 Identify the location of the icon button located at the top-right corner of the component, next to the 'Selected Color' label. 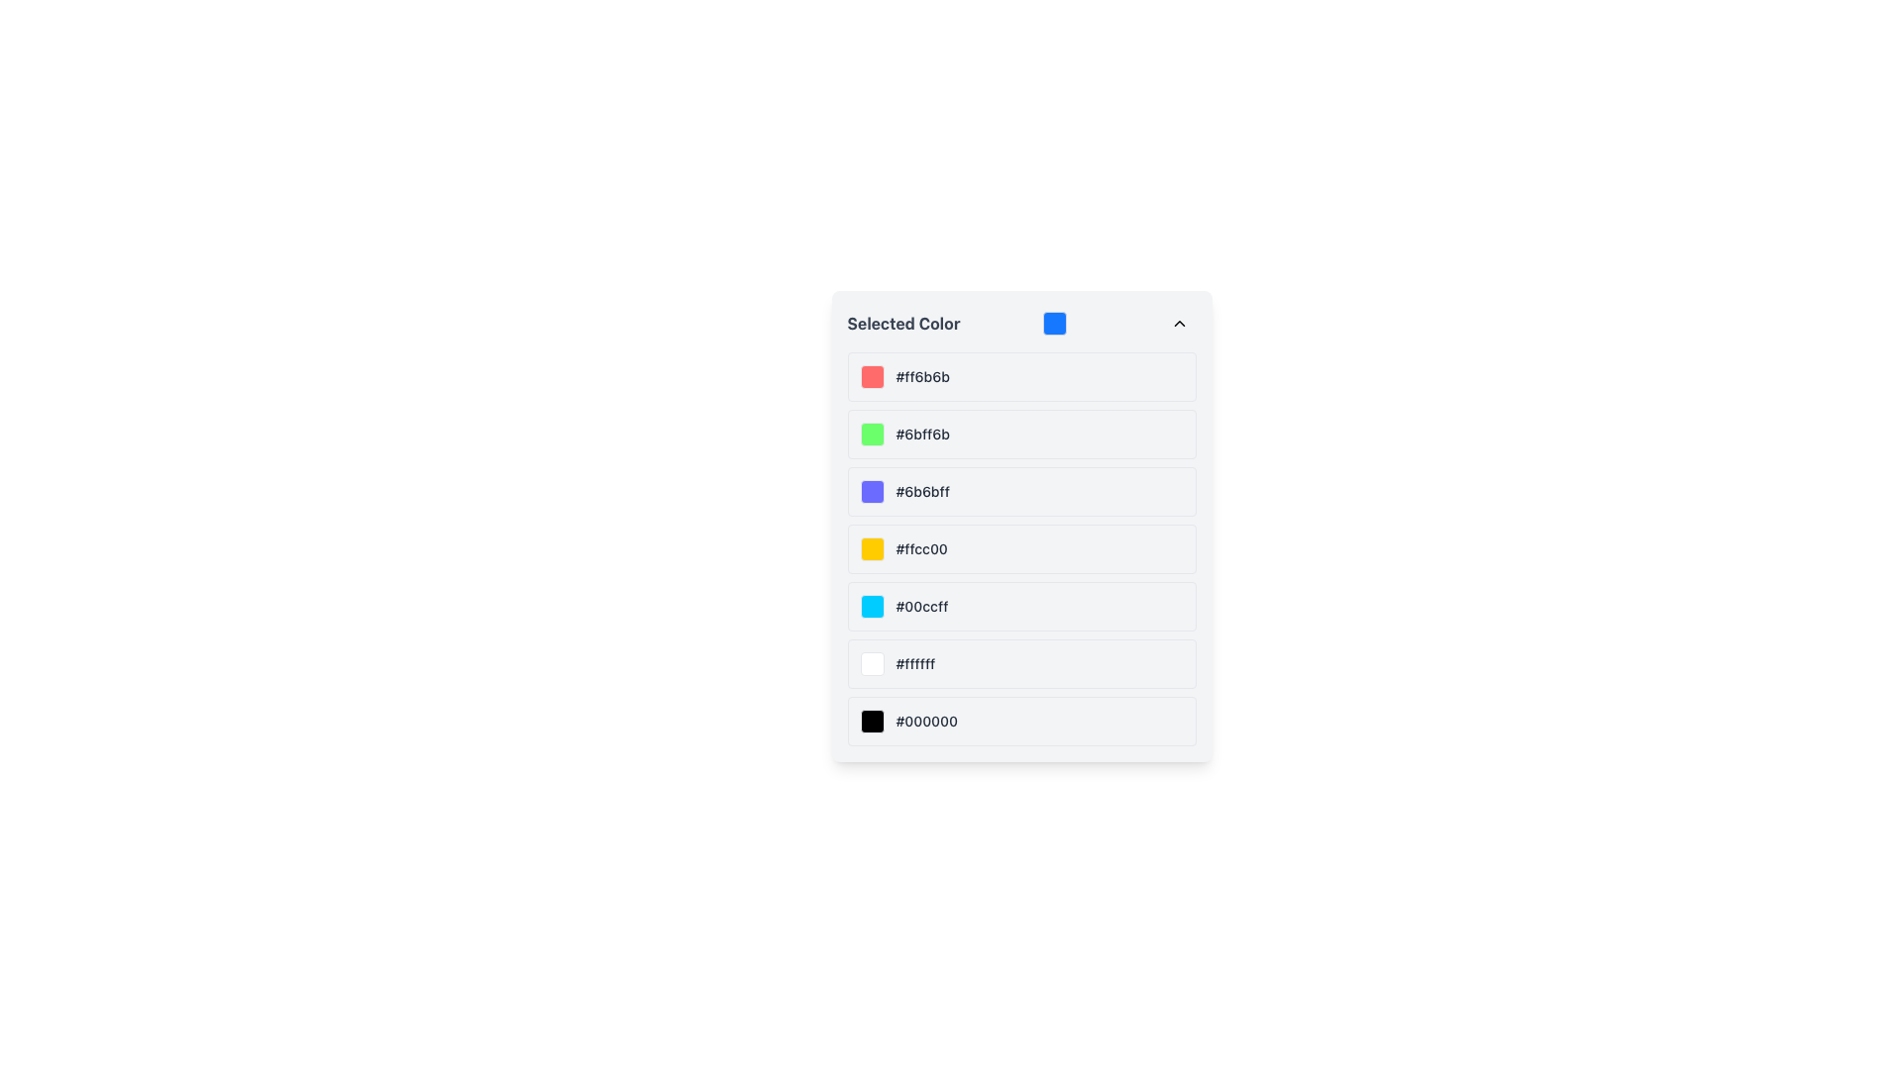
(1179, 323).